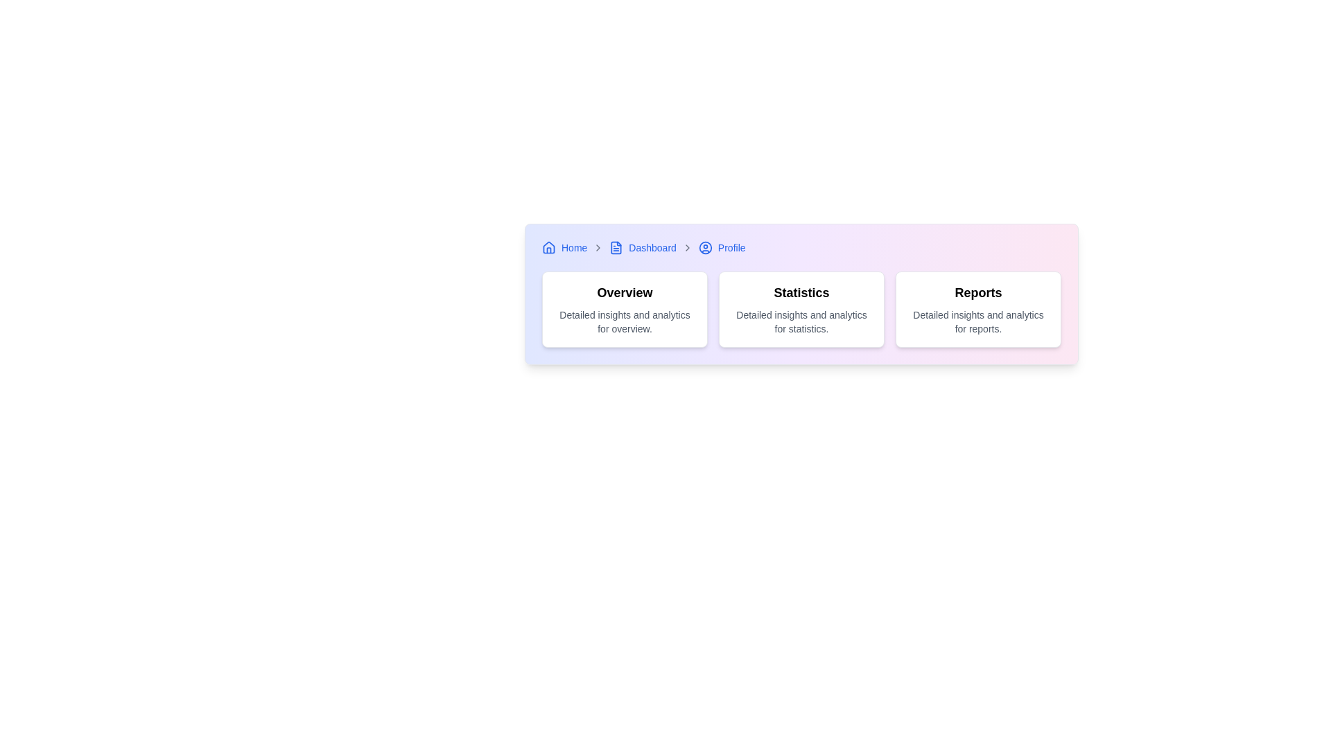 The height and width of the screenshot is (748, 1331). Describe the element at coordinates (801, 309) in the screenshot. I see `information displayed on the Information card located in the center column of the grid layout, positioned between 'Overview' and 'Reports'` at that location.